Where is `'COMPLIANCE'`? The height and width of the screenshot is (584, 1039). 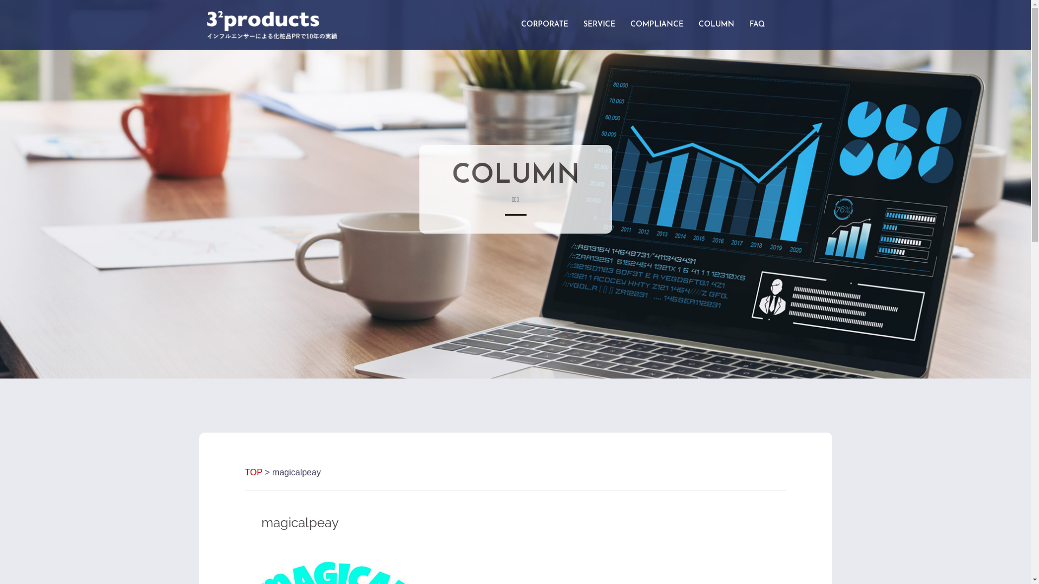 'COMPLIANCE' is located at coordinates (656, 24).